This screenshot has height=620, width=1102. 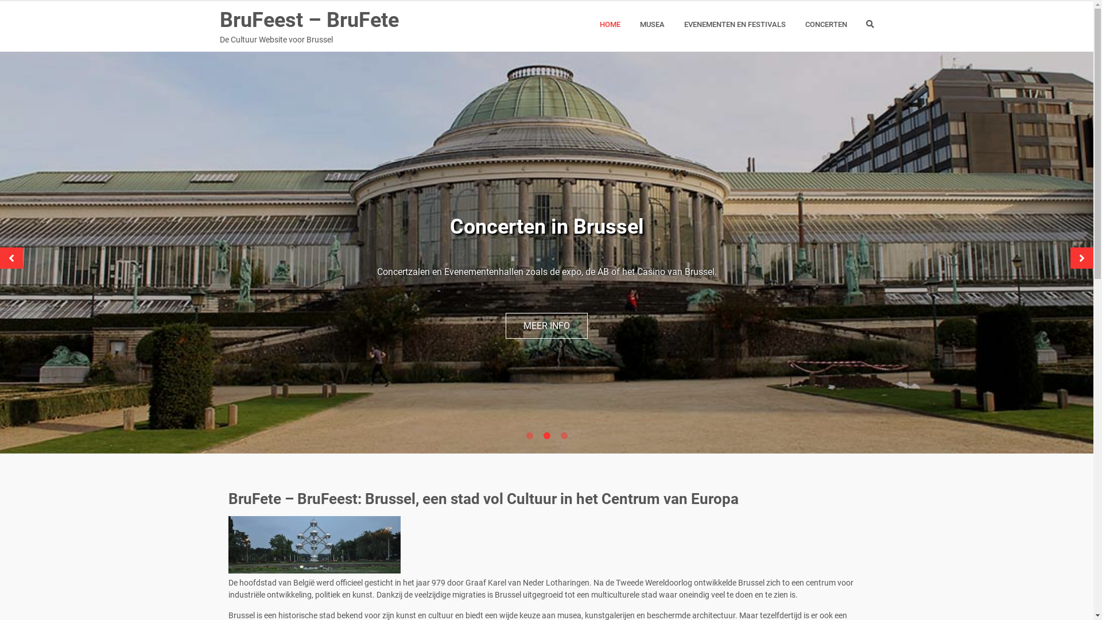 I want to click on 'MUSEA', so click(x=651, y=24).